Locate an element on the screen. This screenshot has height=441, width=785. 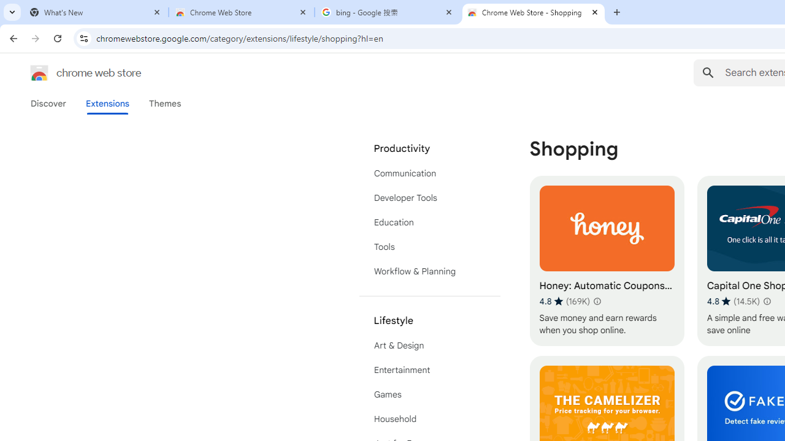
'Entertainment' is located at coordinates (429, 369).